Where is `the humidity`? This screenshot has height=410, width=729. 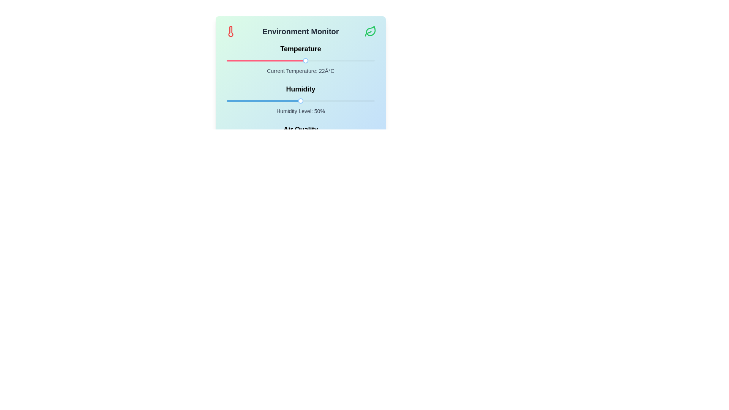
the humidity is located at coordinates (342, 101).